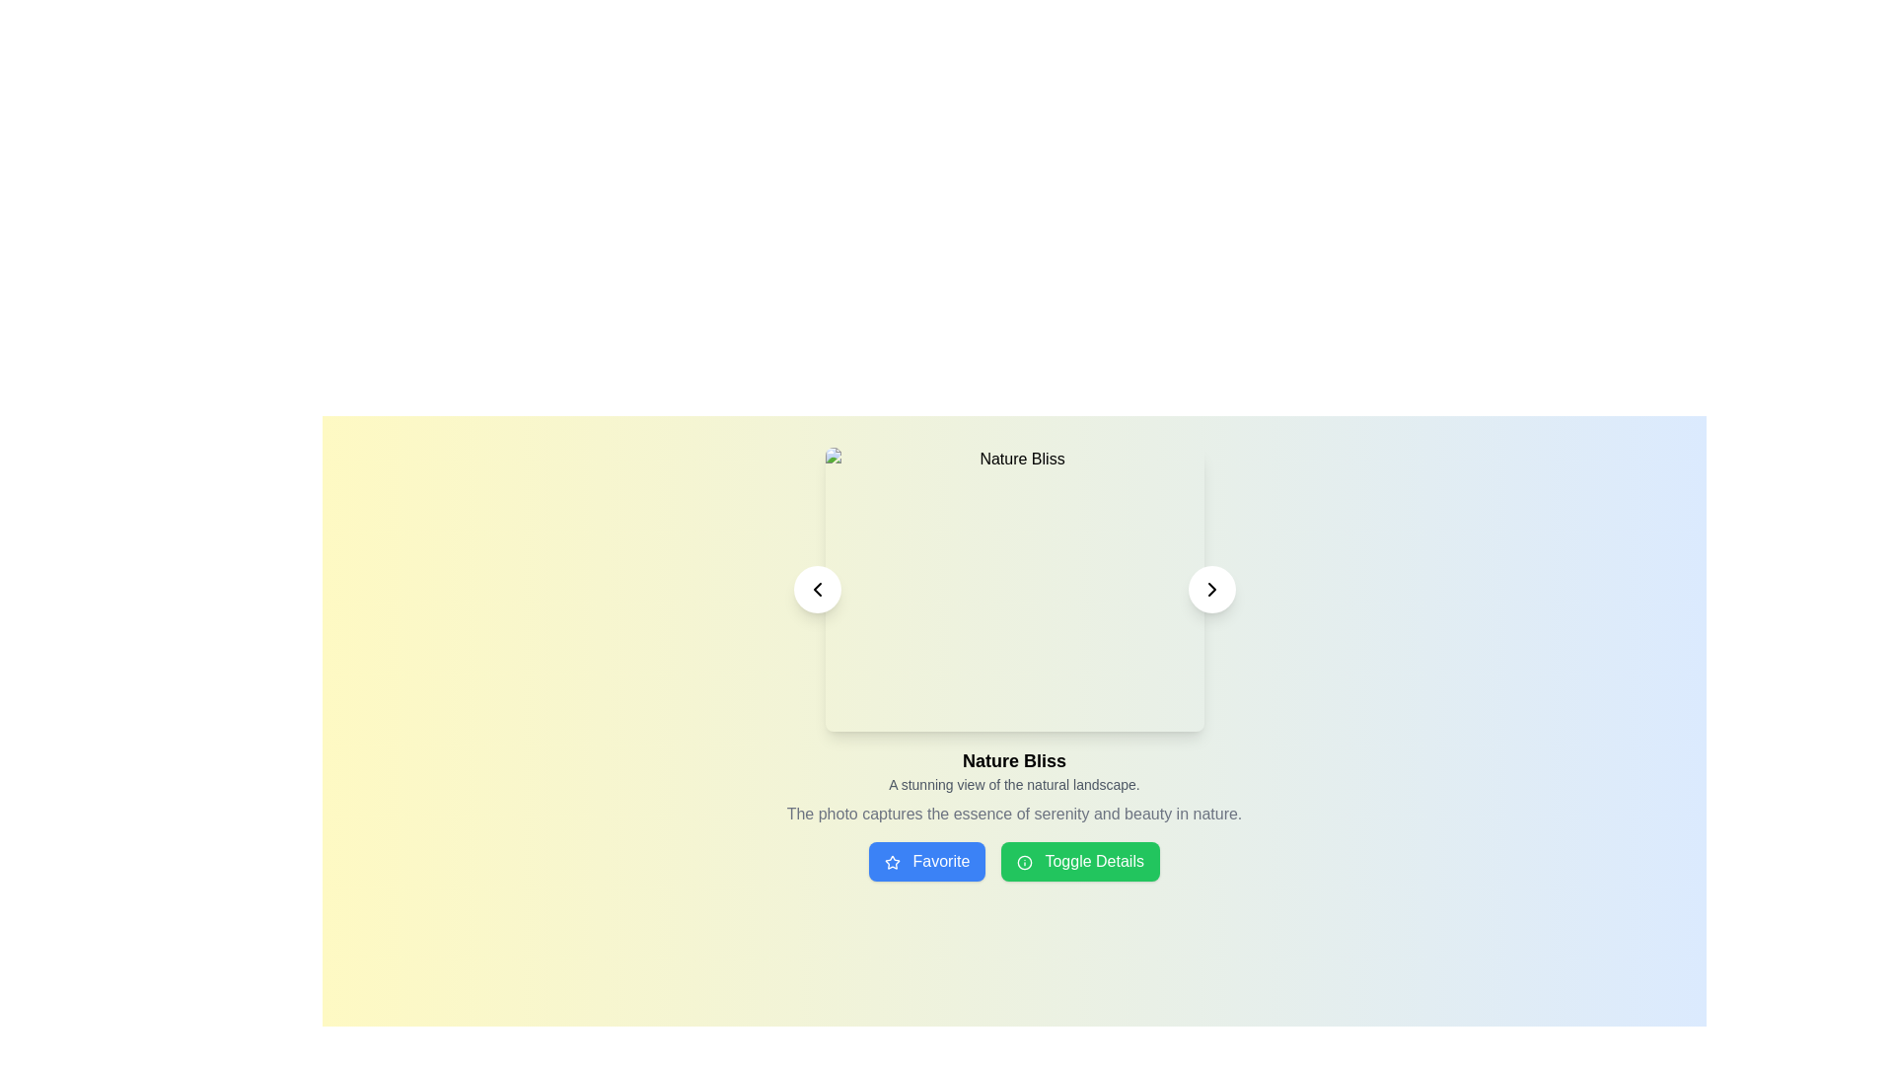 The width and height of the screenshot is (1894, 1065). Describe the element at coordinates (1014, 861) in the screenshot. I see `the green button labeled 'Toggle Details'` at that location.